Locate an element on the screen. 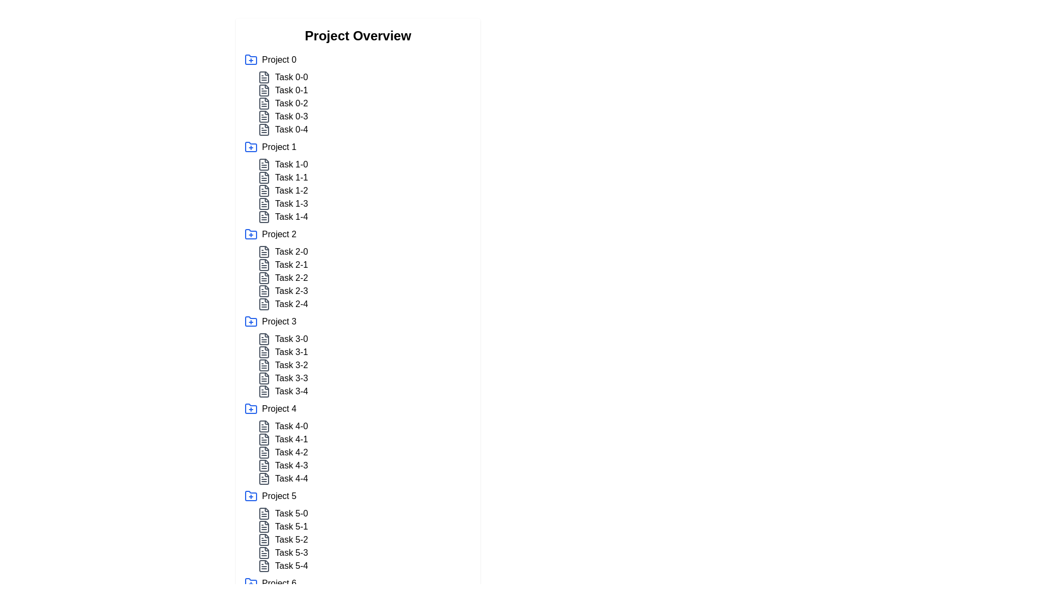  the text label 'Task 4-2' is located at coordinates (291, 452).